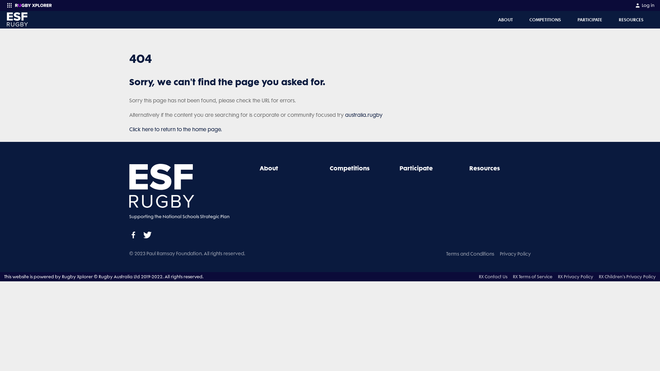  I want to click on 'ABOUT', so click(505, 19).